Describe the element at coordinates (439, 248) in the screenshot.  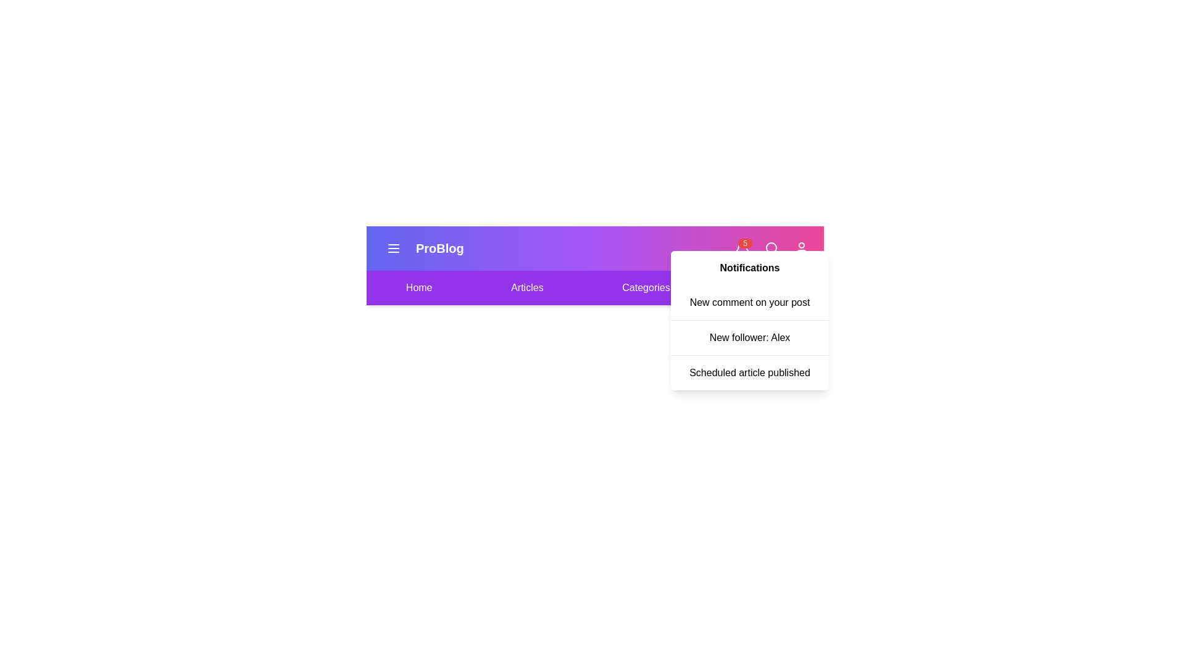
I see `the ProBlog title to select it` at that location.